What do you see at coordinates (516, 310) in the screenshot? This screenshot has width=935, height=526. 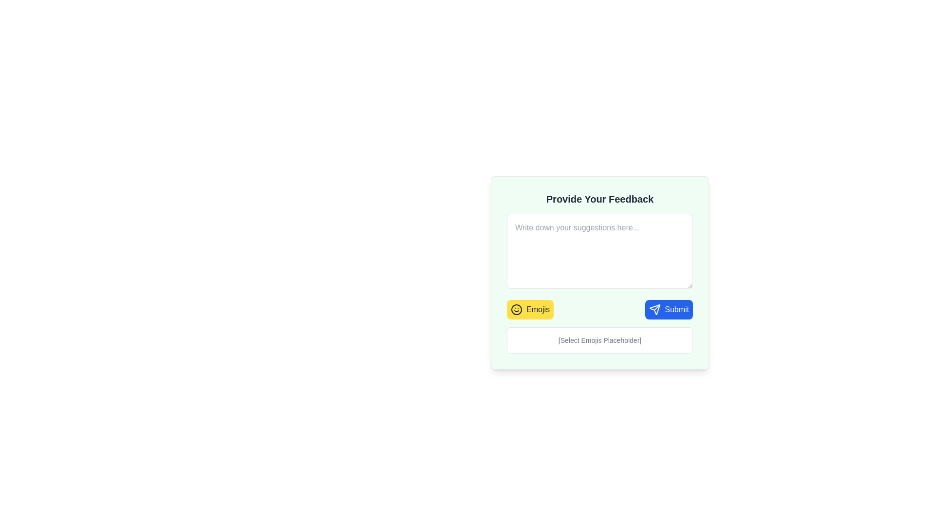 I see `the smiley face icon with a yellow background, adjacent to the 'Emojis' label in the feedback submission interface` at bounding box center [516, 310].